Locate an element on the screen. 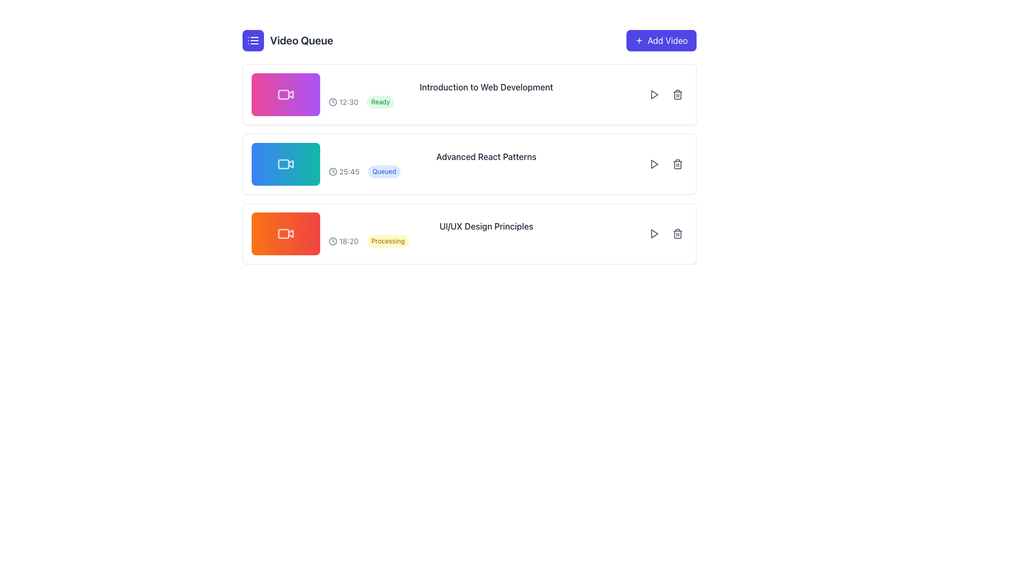 This screenshot has height=578, width=1028. text from the pill-shaped label that displays 'Processing' with a yellow background, located in the third row of the video items list is located at coordinates (387, 241).